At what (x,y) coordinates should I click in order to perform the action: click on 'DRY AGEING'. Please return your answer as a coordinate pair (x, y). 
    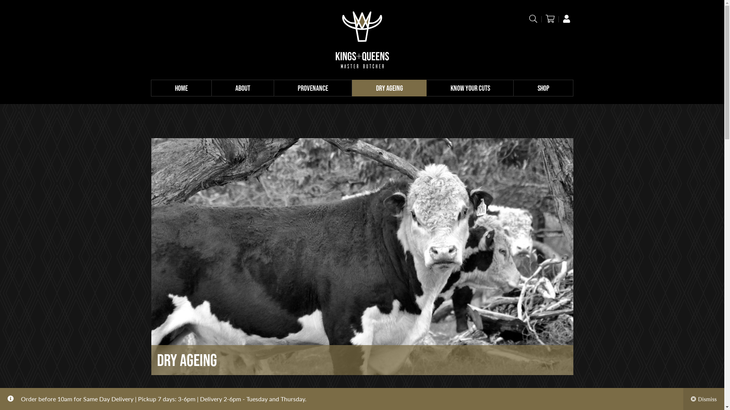
    Looking at the image, I should click on (389, 87).